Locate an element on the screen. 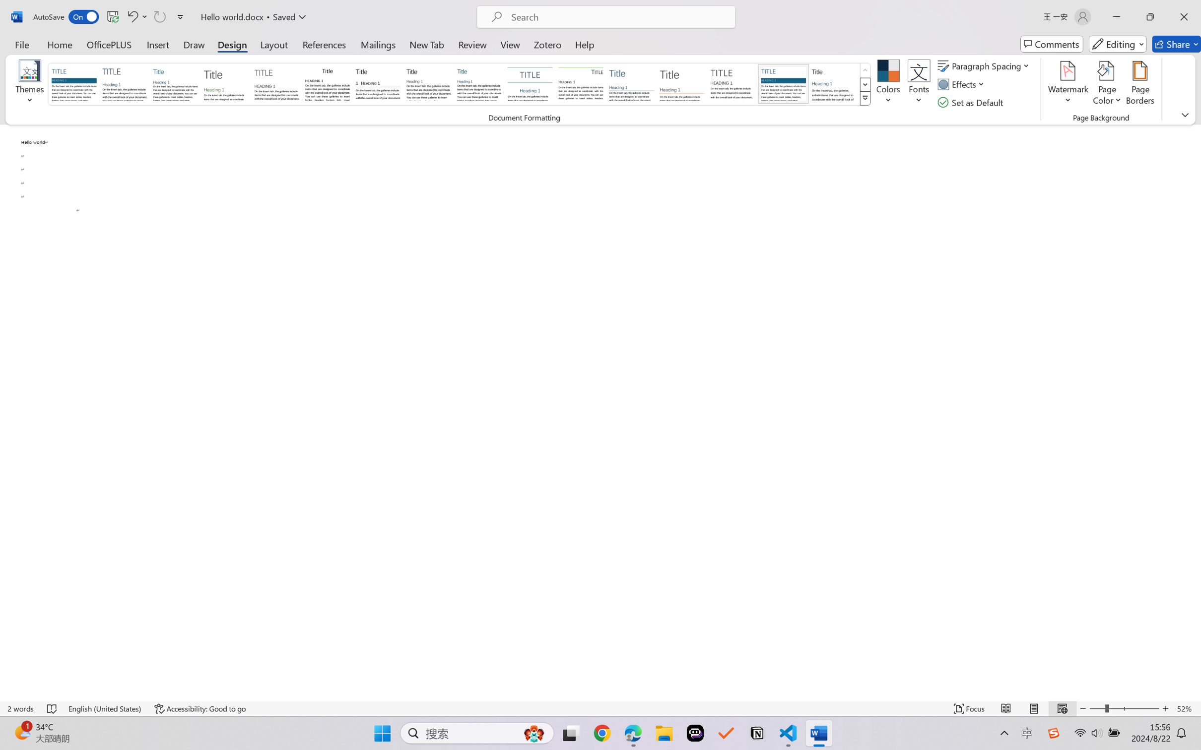 The height and width of the screenshot is (750, 1201). 'Row Down' is located at coordinates (865, 84).